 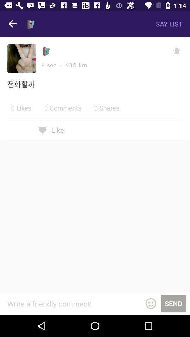 What do you see at coordinates (13, 24) in the screenshot?
I see `the arrow_backward icon` at bounding box center [13, 24].